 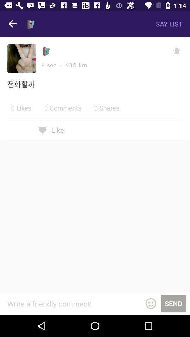 What do you see at coordinates (13, 24) in the screenshot?
I see `the arrow_backward icon` at bounding box center [13, 24].